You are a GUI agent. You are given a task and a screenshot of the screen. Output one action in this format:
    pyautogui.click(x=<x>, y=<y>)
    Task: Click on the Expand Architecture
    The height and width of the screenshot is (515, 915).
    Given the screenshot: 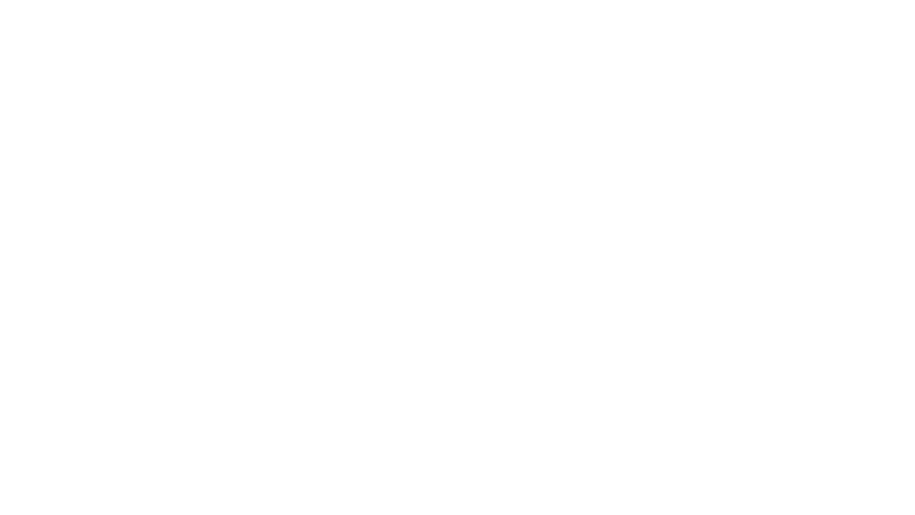 What is the action you would take?
    pyautogui.click(x=106, y=412)
    